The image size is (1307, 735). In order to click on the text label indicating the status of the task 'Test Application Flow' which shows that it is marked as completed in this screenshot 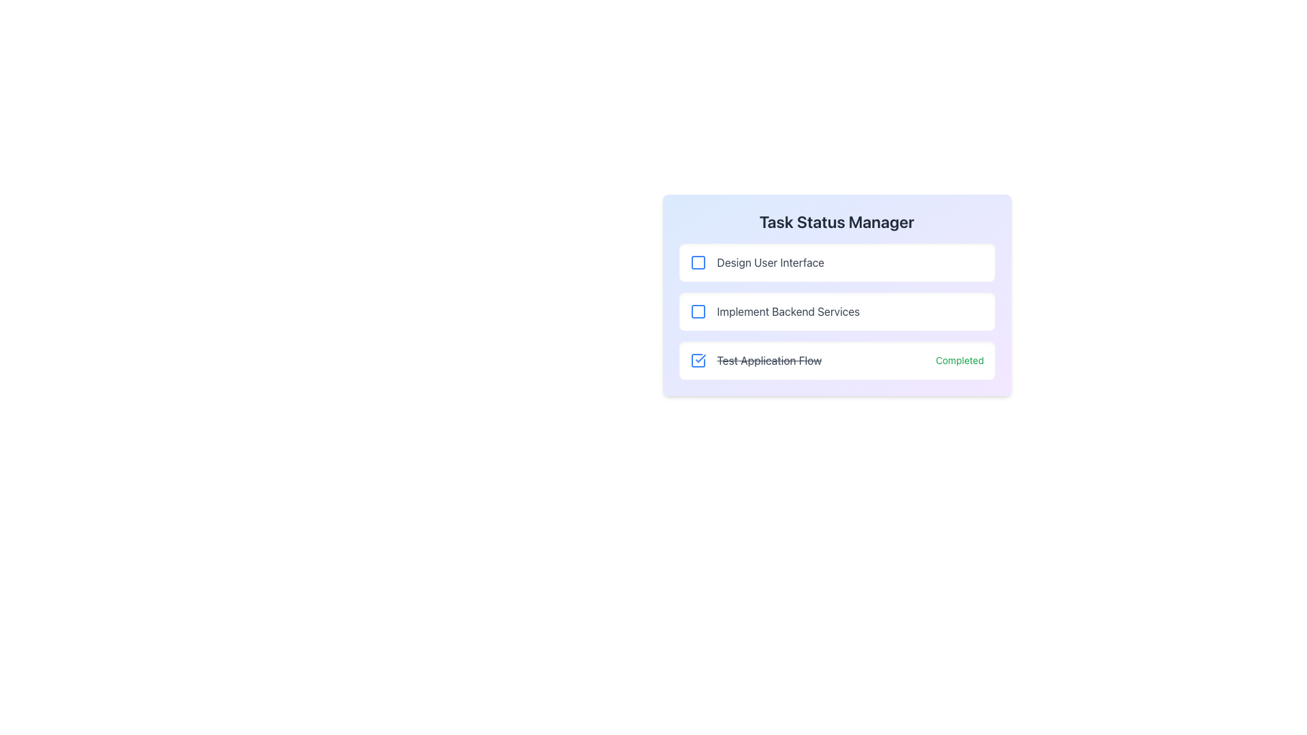, I will do `click(959, 359)`.